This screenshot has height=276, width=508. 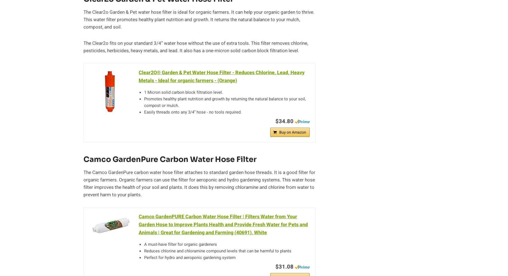 I want to click on 'The Camco GardenPure carbon water hose filter attaches to standard garden hose threads. It is a good filter for organic farmers. Organic farmers can use the filter for aeroponic and hydro gardening systems. This water hose filter improves the health of your soil and plants. It does this by removing chloramine and chlorine from water to prevent harm to your plants.', so click(x=199, y=183).